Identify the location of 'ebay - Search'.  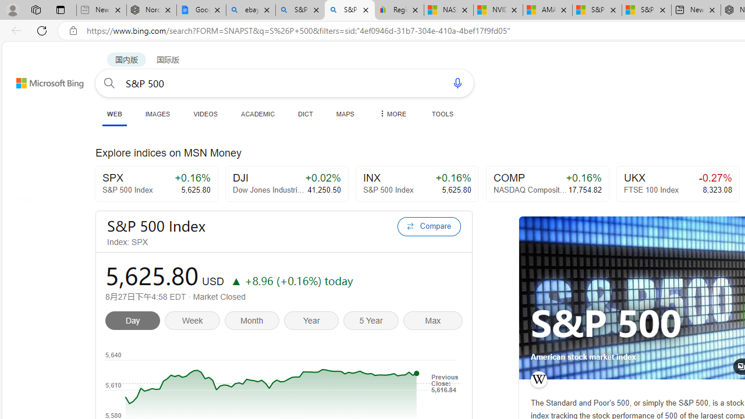
(250, 10).